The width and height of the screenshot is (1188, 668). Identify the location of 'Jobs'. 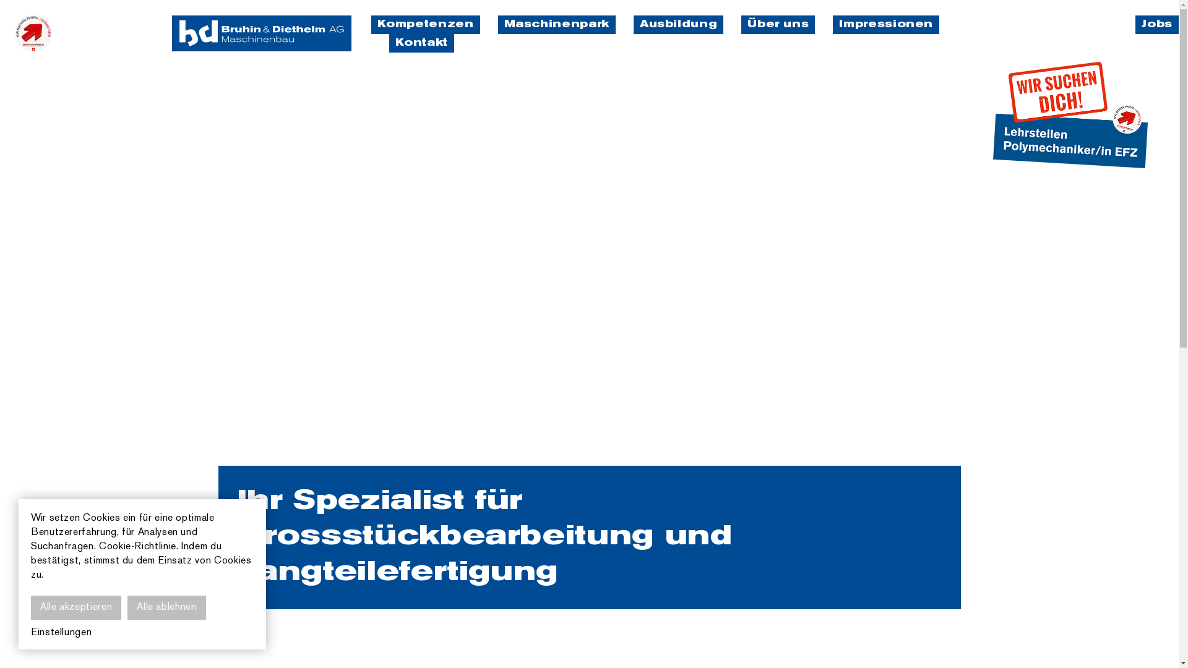
(1156, 24).